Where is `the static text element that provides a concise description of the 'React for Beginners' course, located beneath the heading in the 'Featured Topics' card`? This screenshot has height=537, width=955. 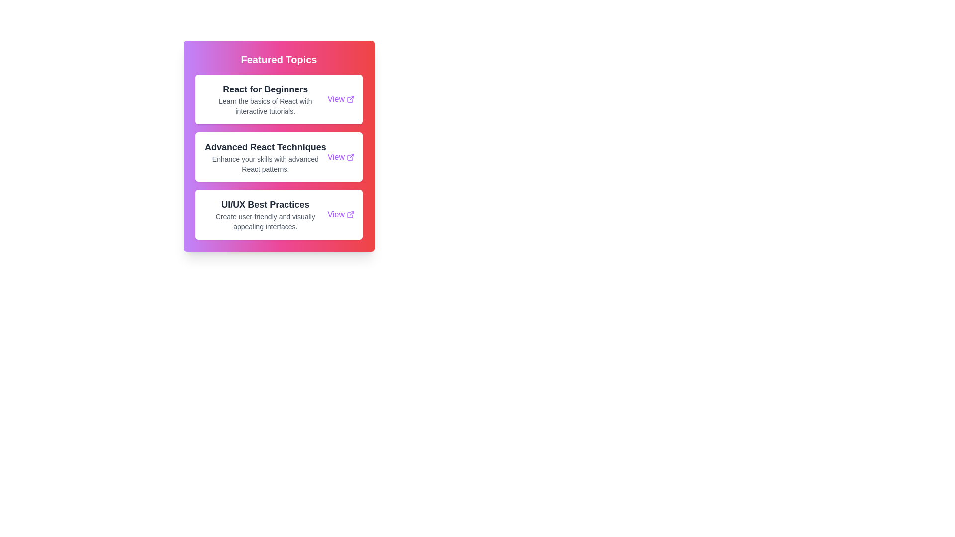 the static text element that provides a concise description of the 'React for Beginners' course, located beneath the heading in the 'Featured Topics' card is located at coordinates (265, 106).